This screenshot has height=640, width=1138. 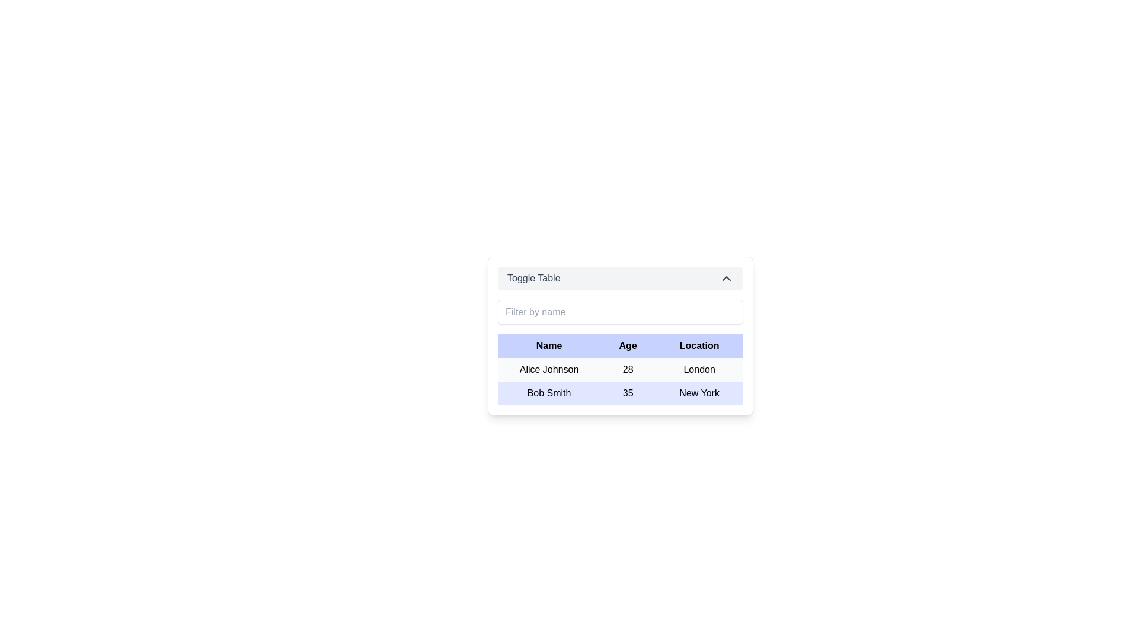 I want to click on the individual cell in the table row containing details about 'Bob Smith', aged '35', located in 'New York', to possibly edit or view its details, so click(x=619, y=382).